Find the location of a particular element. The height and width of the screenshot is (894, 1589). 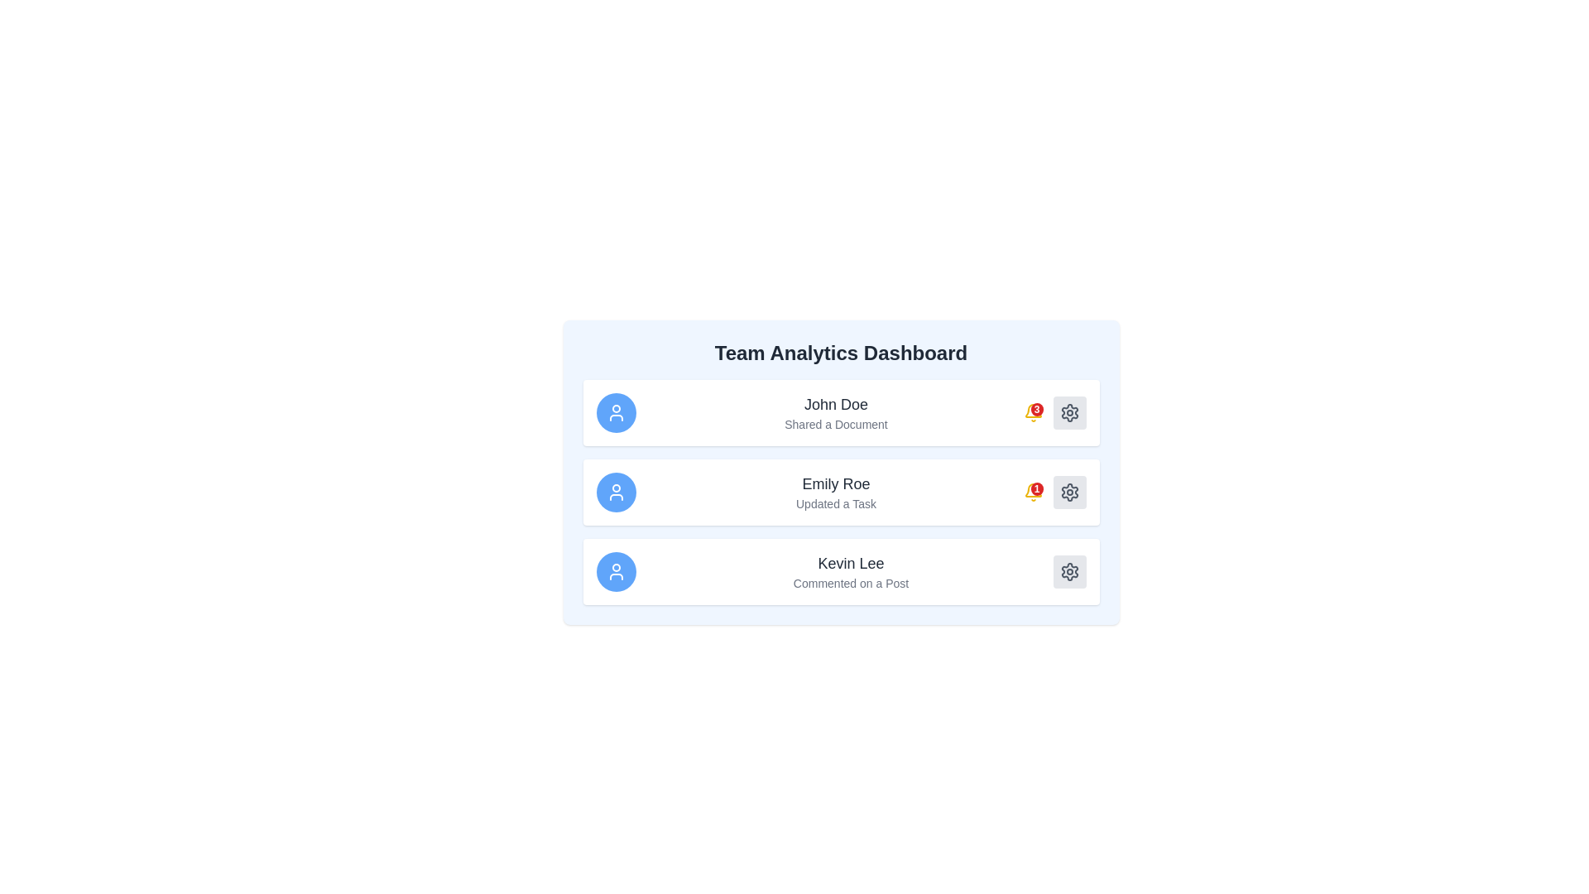

the text label displaying 'Emily Roe', which is a large, bold, dark gray text located in the middle section of the list entry on the dashboard is located at coordinates (836, 484).